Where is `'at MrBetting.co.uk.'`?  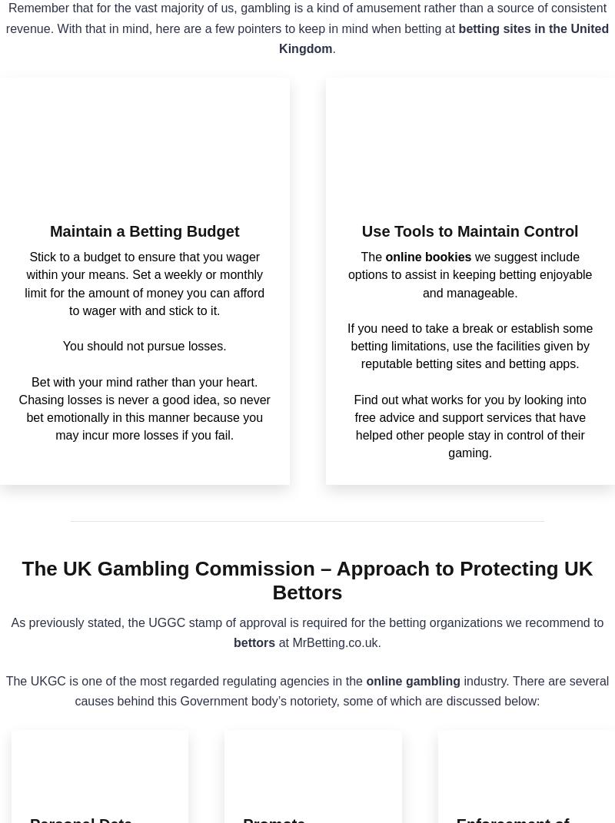
'at MrBetting.co.uk.' is located at coordinates (327, 641).